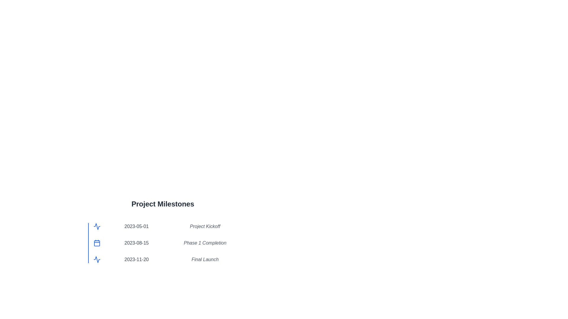  Describe the element at coordinates (136, 243) in the screenshot. I see `the text label displaying '2023-08-15', which is located in the second row of the milestones list, between a blue calendar icon and the 'Phase 1 Completion' label` at that location.